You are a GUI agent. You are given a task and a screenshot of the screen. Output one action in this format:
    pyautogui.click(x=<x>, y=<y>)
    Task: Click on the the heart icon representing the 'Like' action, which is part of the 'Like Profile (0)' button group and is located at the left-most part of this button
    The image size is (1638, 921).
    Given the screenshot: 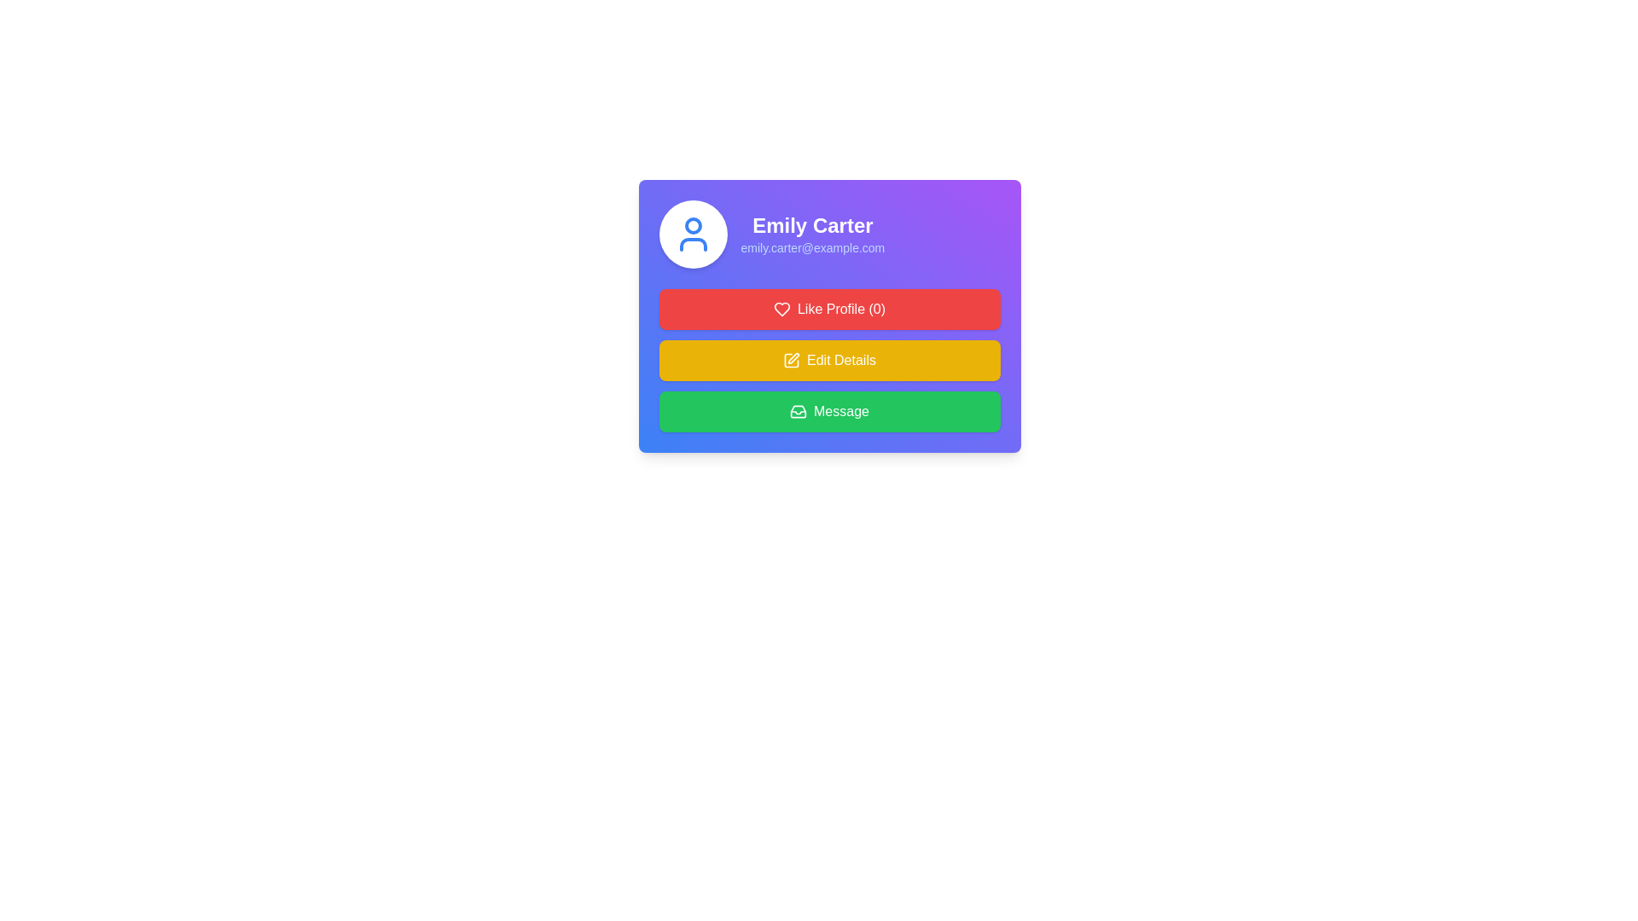 What is the action you would take?
    pyautogui.click(x=781, y=309)
    